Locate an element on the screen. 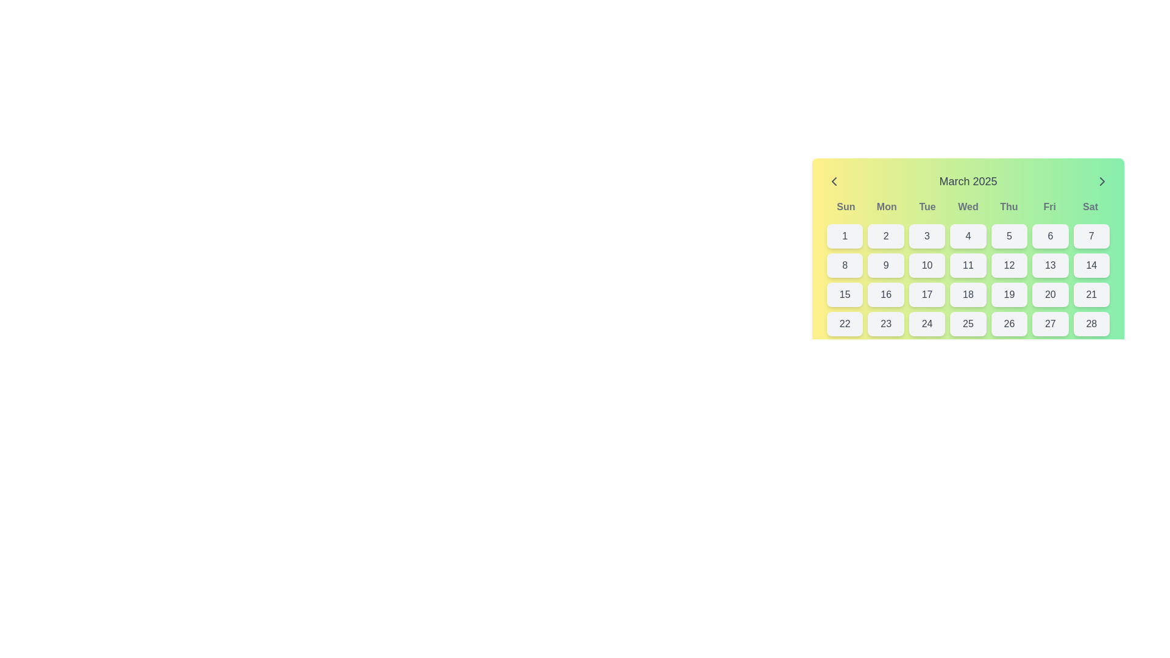 The image size is (1170, 658). the text label representing Friday in the calendar's day header section is located at coordinates (1049, 206).